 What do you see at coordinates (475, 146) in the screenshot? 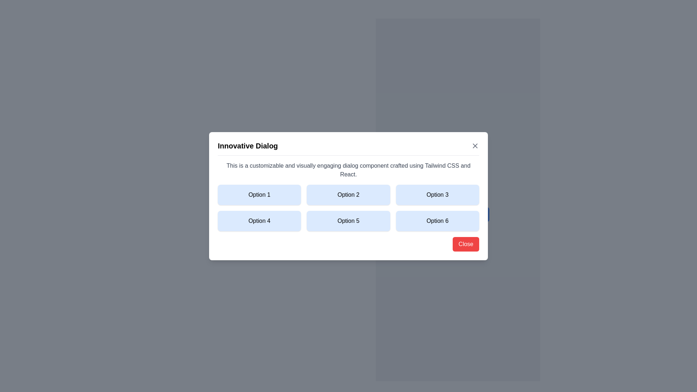
I see `the 'X' button in the top-right corner of the dialog to close it` at bounding box center [475, 146].